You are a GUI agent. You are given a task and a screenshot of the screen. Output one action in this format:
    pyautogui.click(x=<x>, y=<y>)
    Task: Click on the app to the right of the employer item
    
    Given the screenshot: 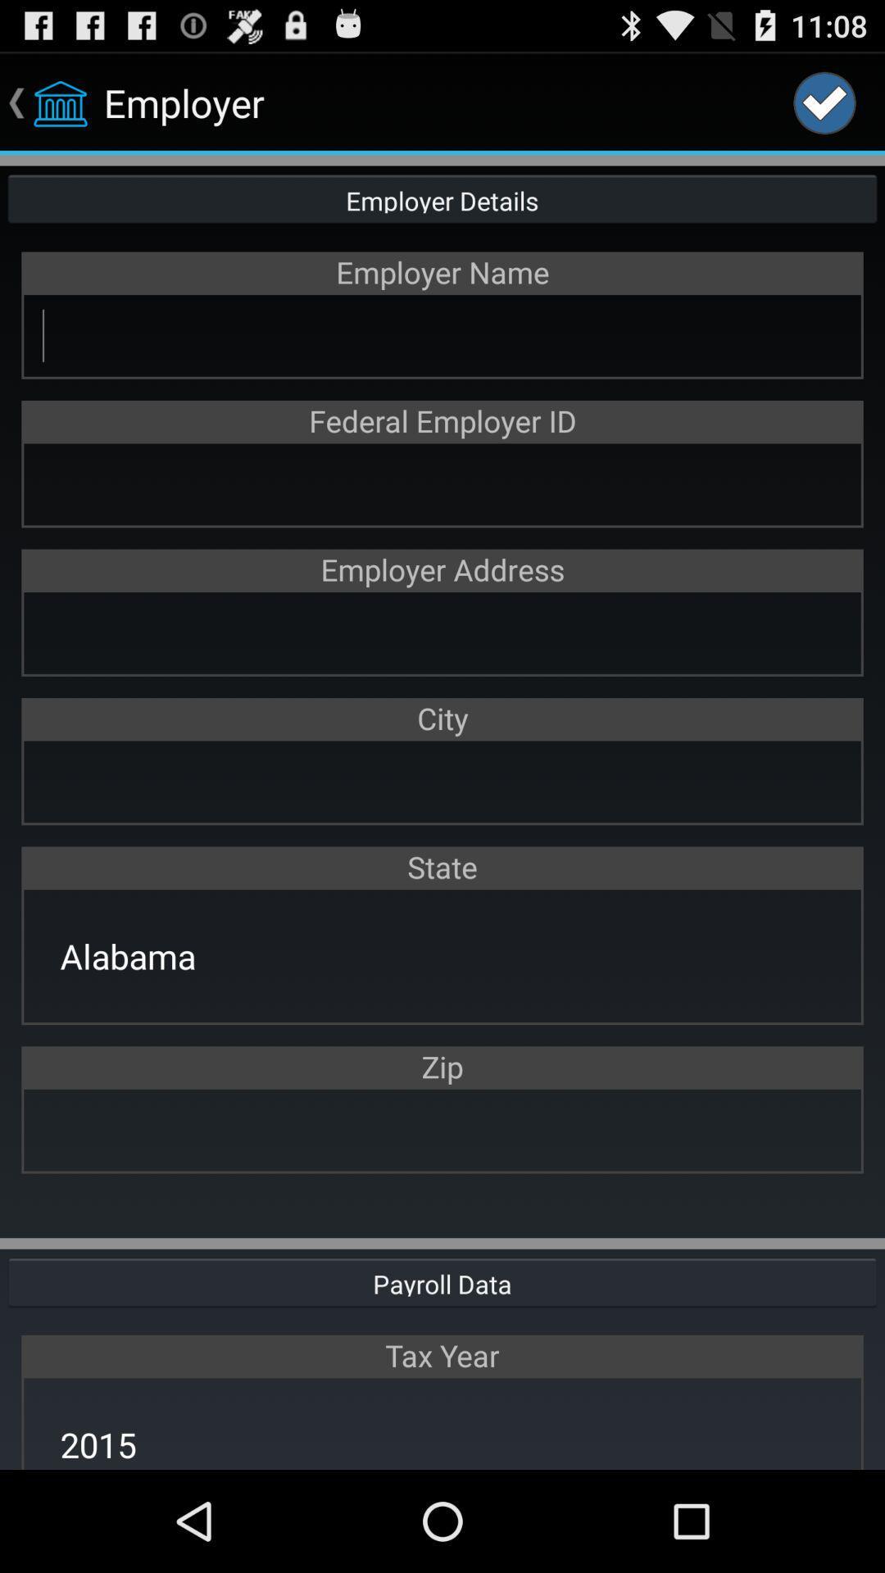 What is the action you would take?
    pyautogui.click(x=824, y=102)
    